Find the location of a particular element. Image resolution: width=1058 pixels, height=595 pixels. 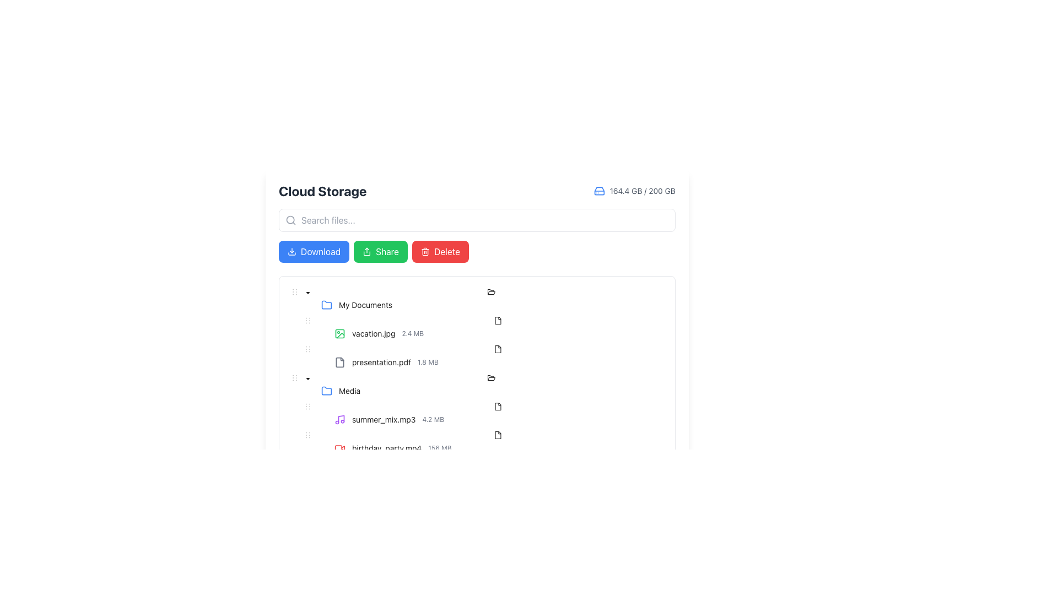

the draggable handle icon located is located at coordinates (307, 434).